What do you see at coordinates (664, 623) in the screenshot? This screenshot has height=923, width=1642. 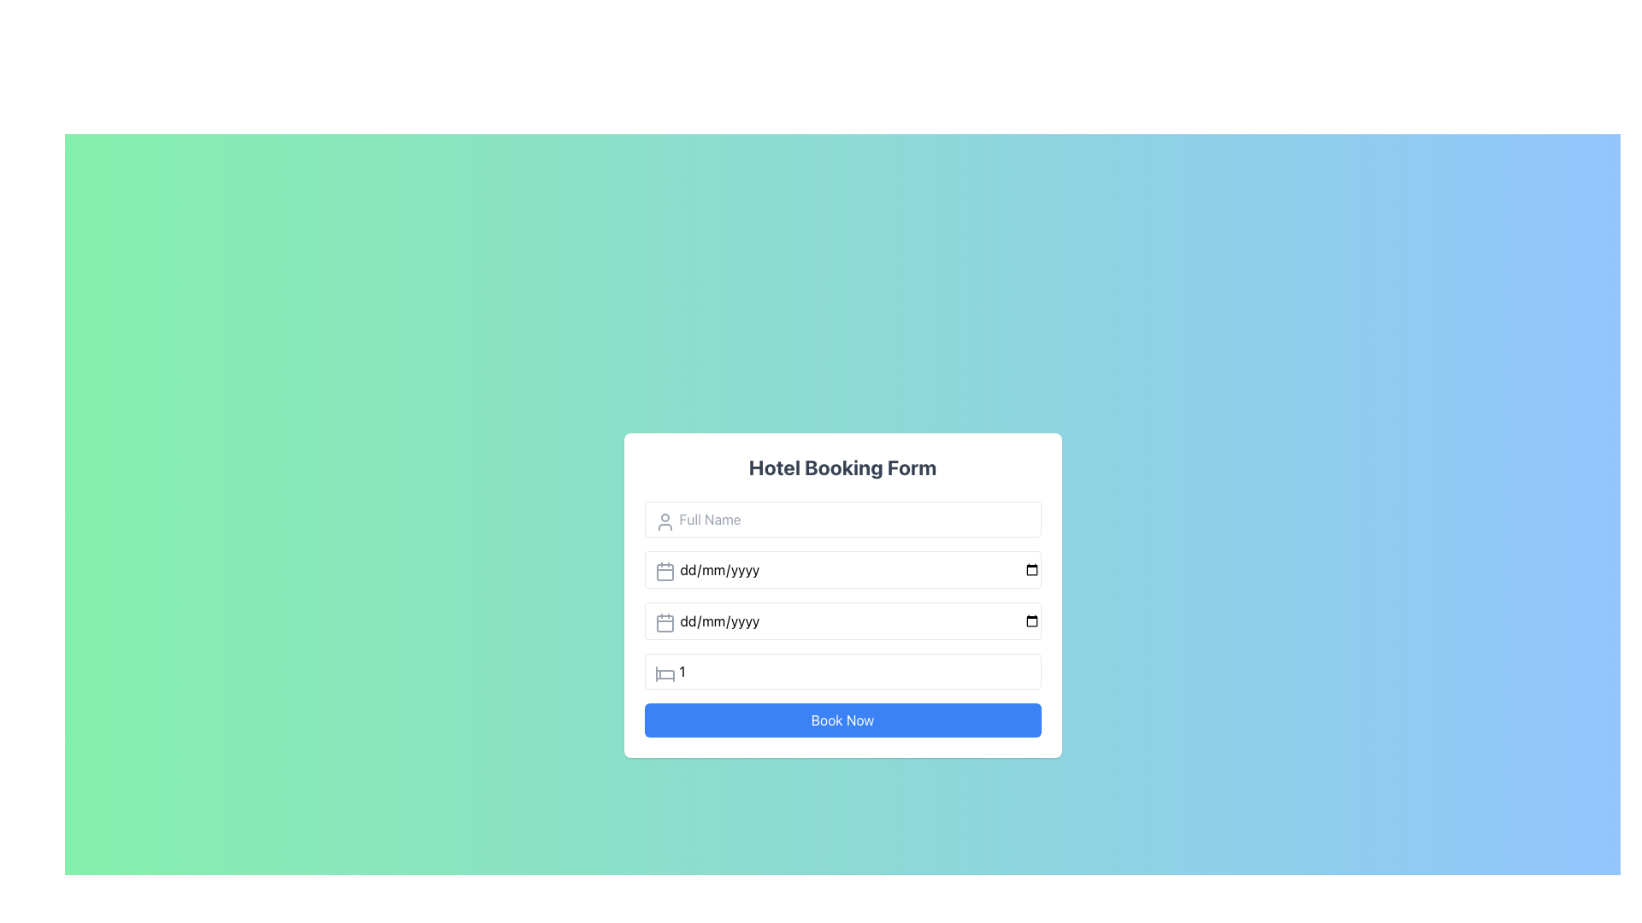 I see `the minimalist calendar icon located inside the second date input field of the booking form` at bounding box center [664, 623].